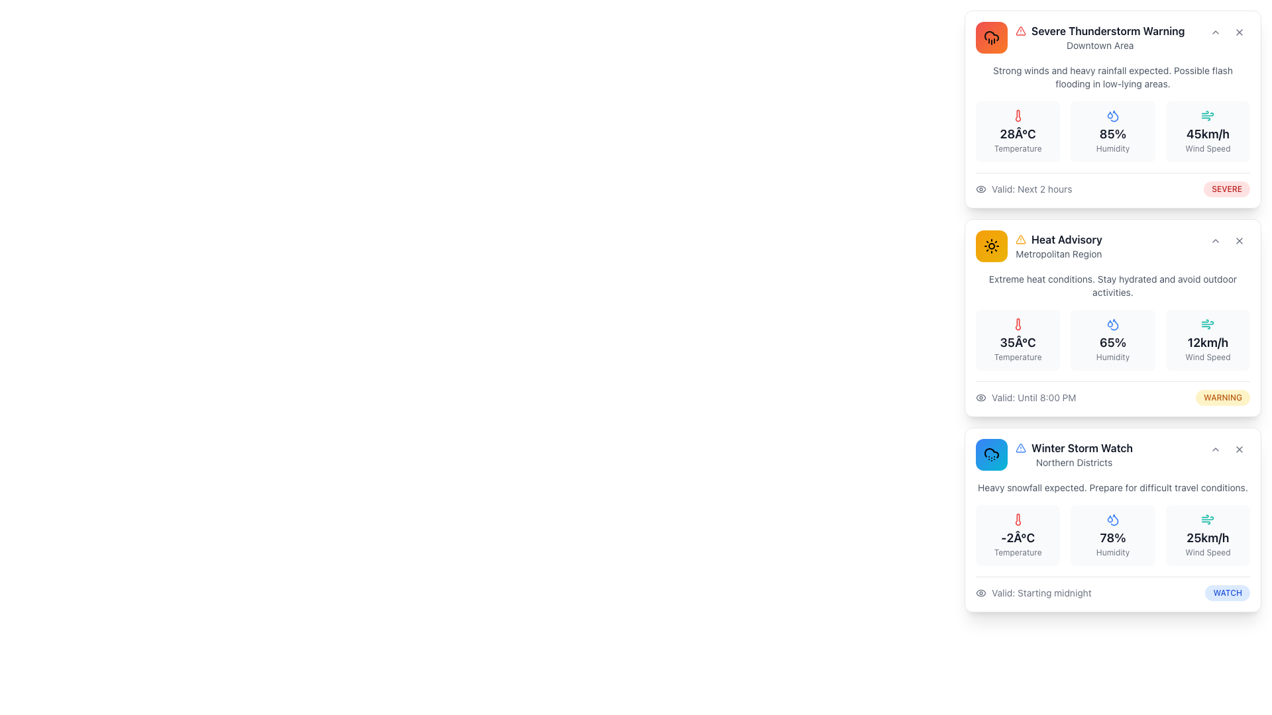 The width and height of the screenshot is (1272, 715). What do you see at coordinates (1239, 32) in the screenshot?
I see `the small rounded button with a grayish 'X' icon in the top-right corner of the 'Severe Thunderstorm Warning' card` at bounding box center [1239, 32].